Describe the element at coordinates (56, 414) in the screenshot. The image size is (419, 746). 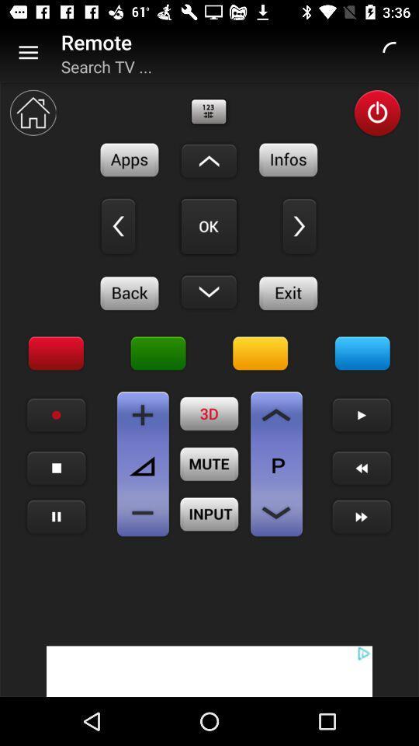
I see `tate button` at that location.